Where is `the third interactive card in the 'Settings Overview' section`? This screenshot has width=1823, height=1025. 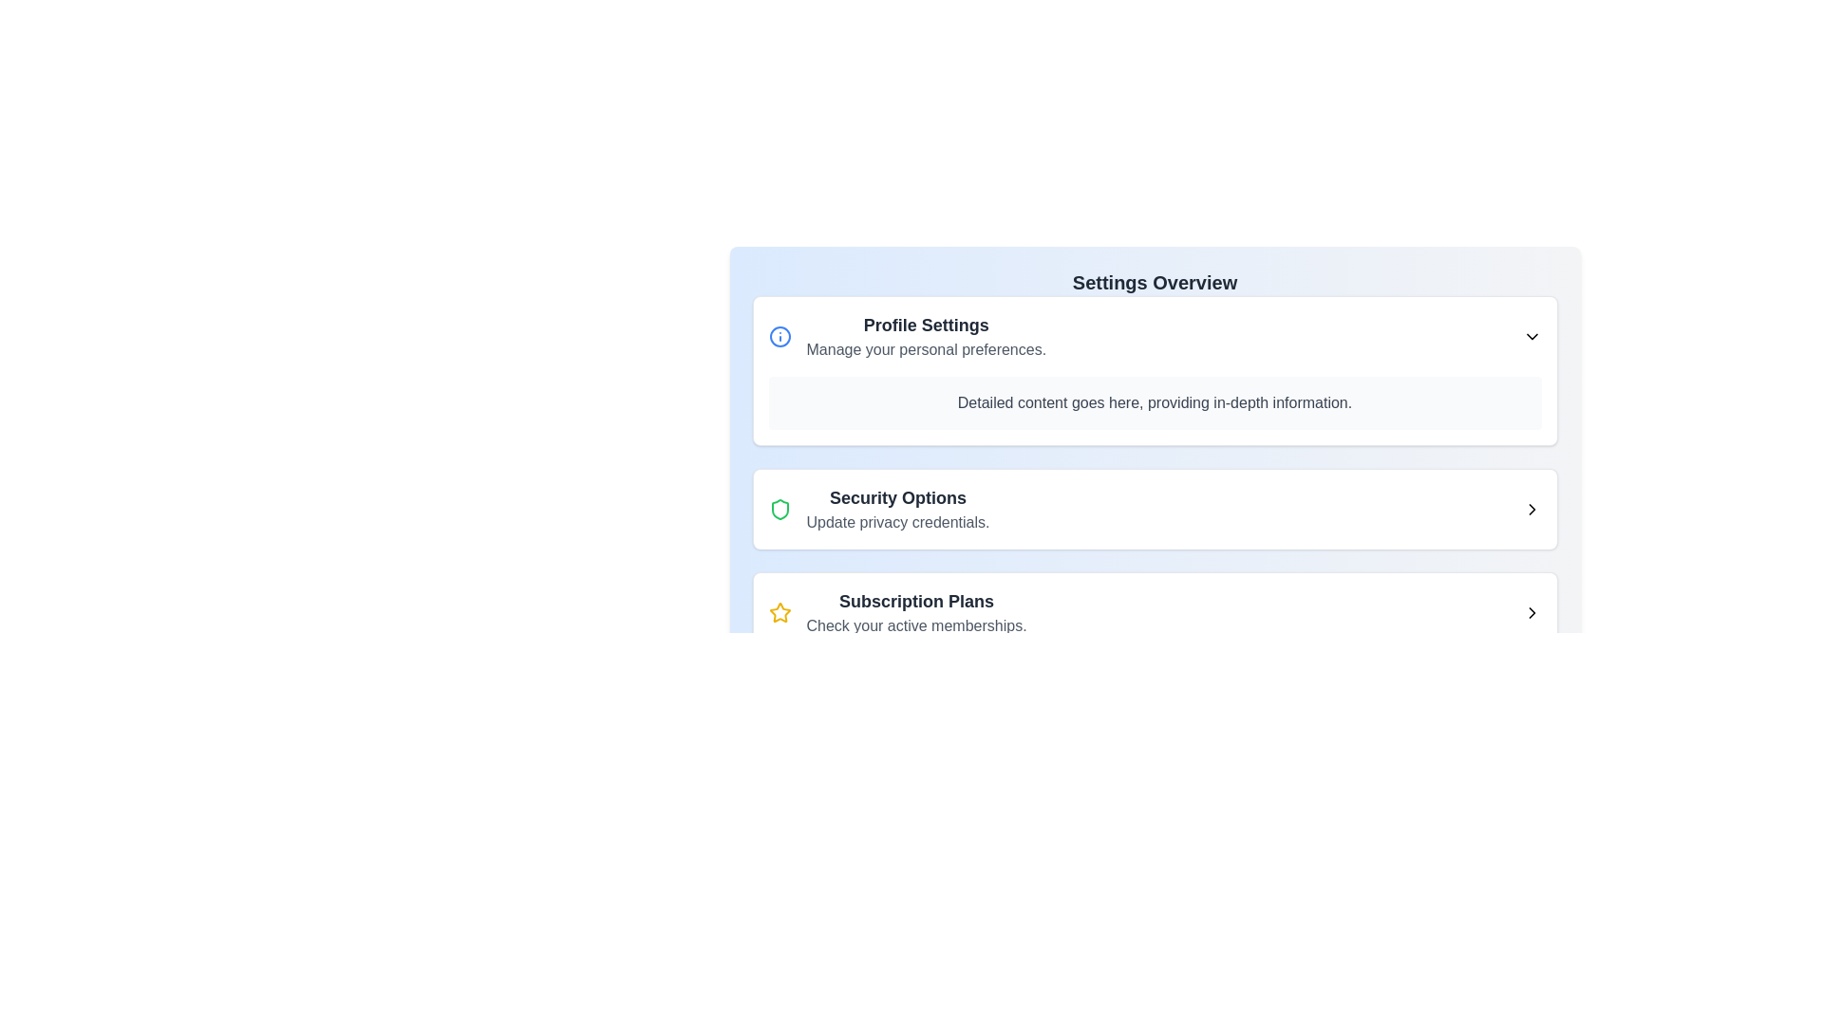 the third interactive card in the 'Settings Overview' section is located at coordinates (1154, 612).